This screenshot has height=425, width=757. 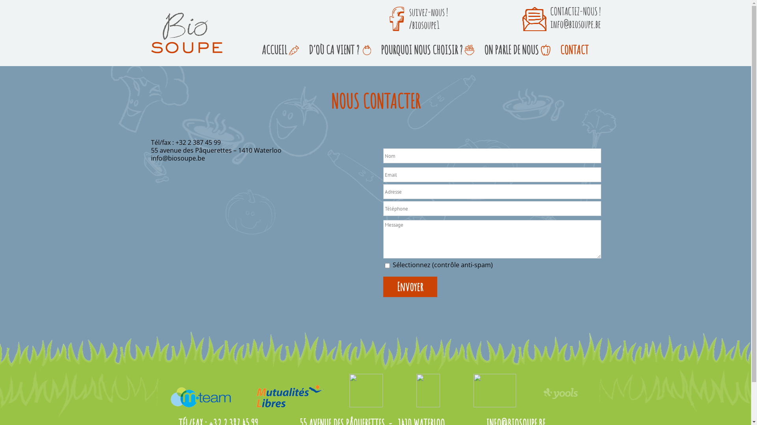 What do you see at coordinates (560, 393) in the screenshot?
I see `'Yools Website Design'` at bounding box center [560, 393].